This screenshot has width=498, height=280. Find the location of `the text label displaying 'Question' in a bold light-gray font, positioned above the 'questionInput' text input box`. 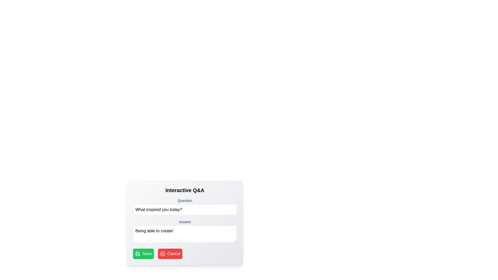

the text label displaying 'Question' in a bold light-gray font, positioned above the 'questionInput' text input box is located at coordinates (185, 200).